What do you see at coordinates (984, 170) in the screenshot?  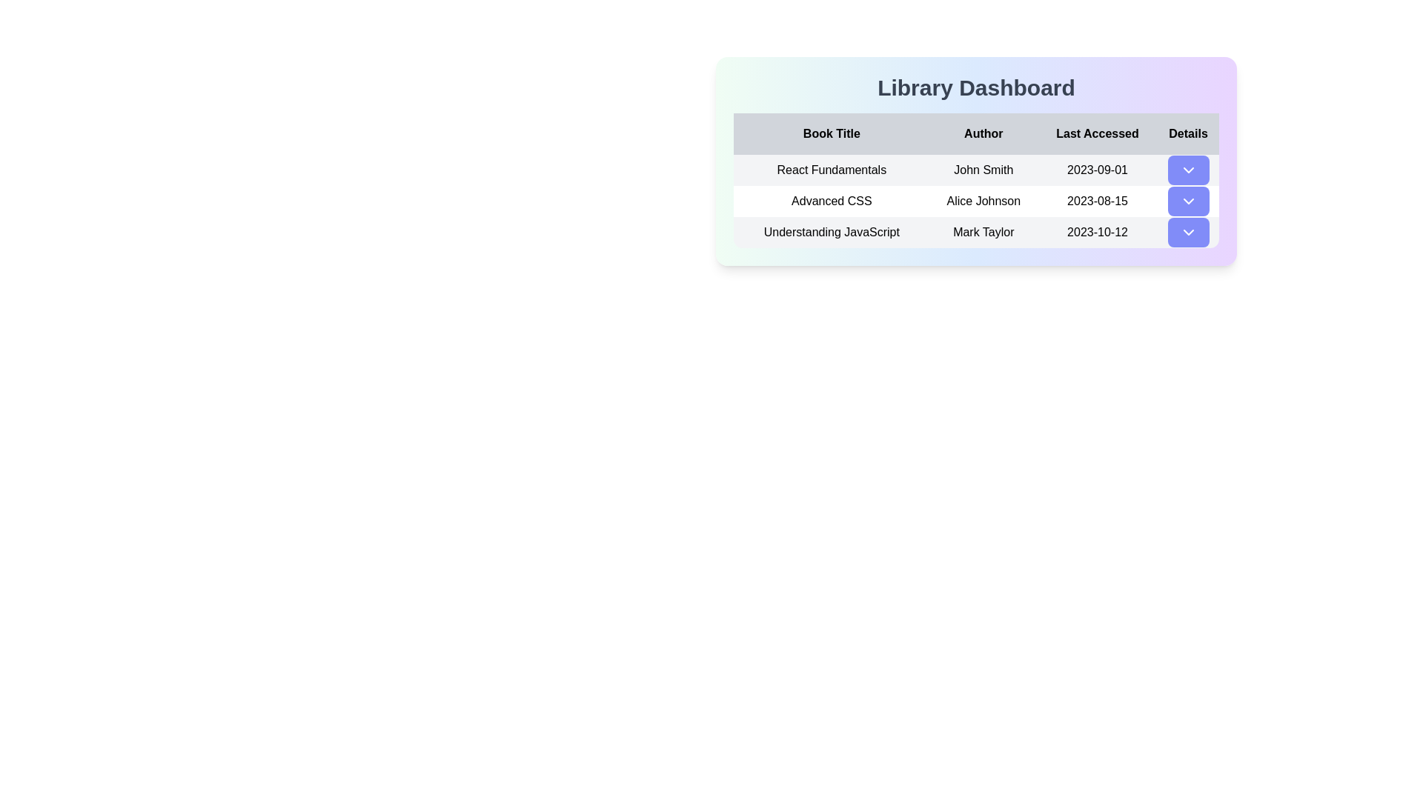 I see `the text label displaying the author of the book 'React Fundamentals' in the library dashboard table` at bounding box center [984, 170].